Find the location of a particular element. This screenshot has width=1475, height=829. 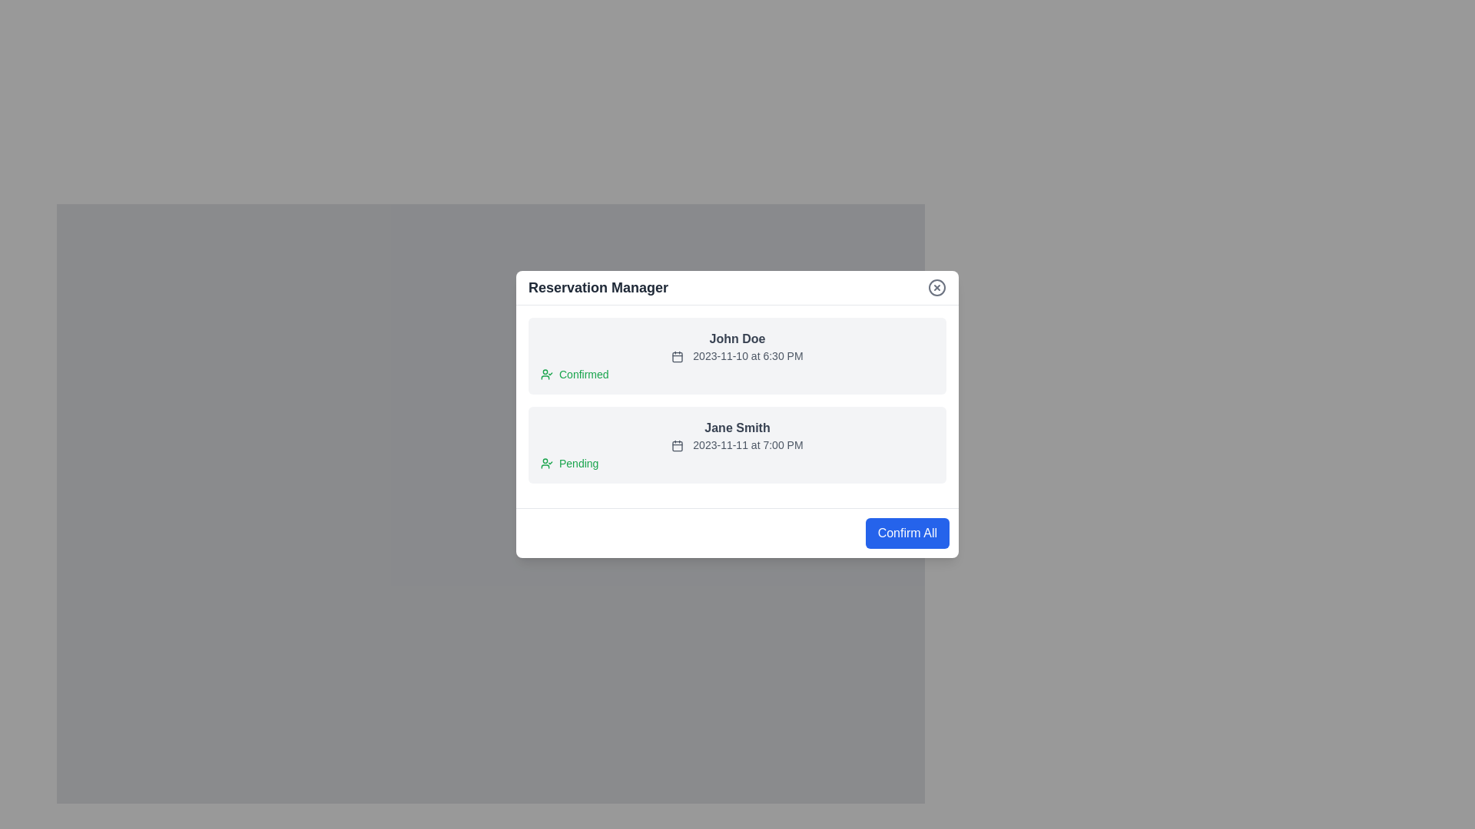

the icon representing the status or function related to 'Jane Smith' in the 'Reservation Manager' list, located to the left of the related text is located at coordinates (677, 447).